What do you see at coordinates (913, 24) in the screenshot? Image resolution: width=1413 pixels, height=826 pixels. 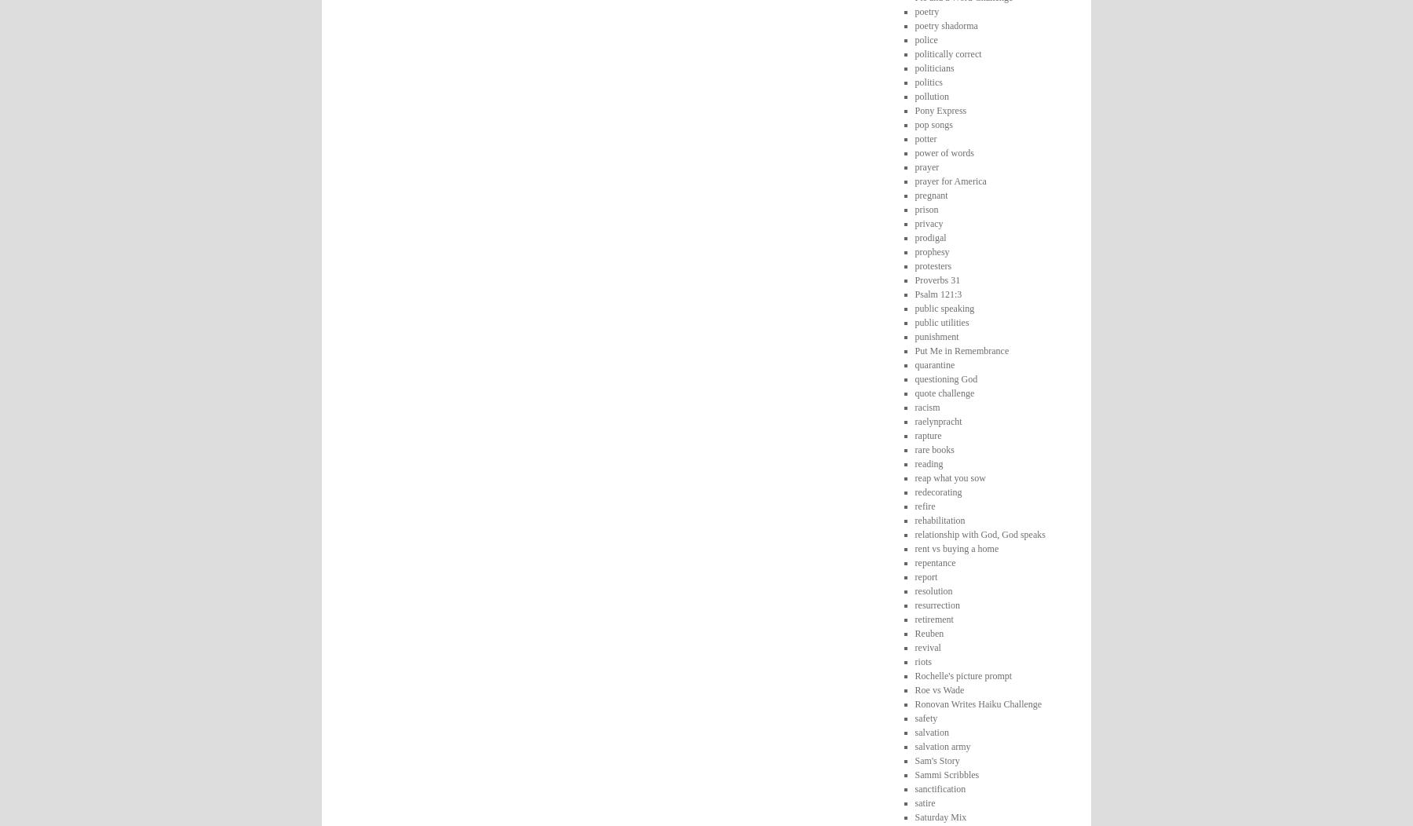 I see `'poetry shadorma'` at bounding box center [913, 24].